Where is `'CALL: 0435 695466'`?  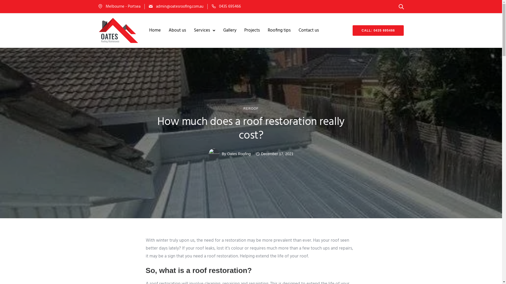
'CALL: 0435 695466' is located at coordinates (378, 30).